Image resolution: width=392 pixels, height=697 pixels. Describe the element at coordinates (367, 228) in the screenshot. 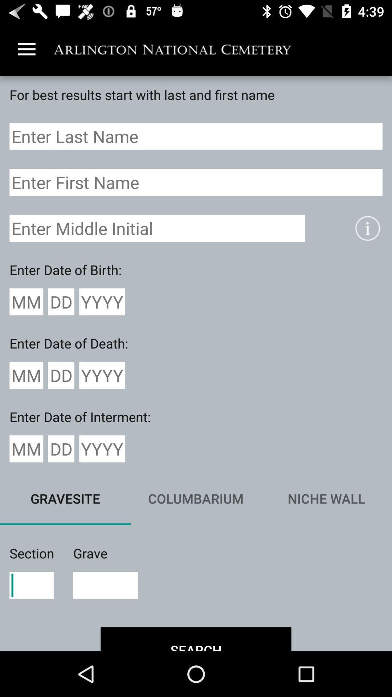

I see `the info icon` at that location.